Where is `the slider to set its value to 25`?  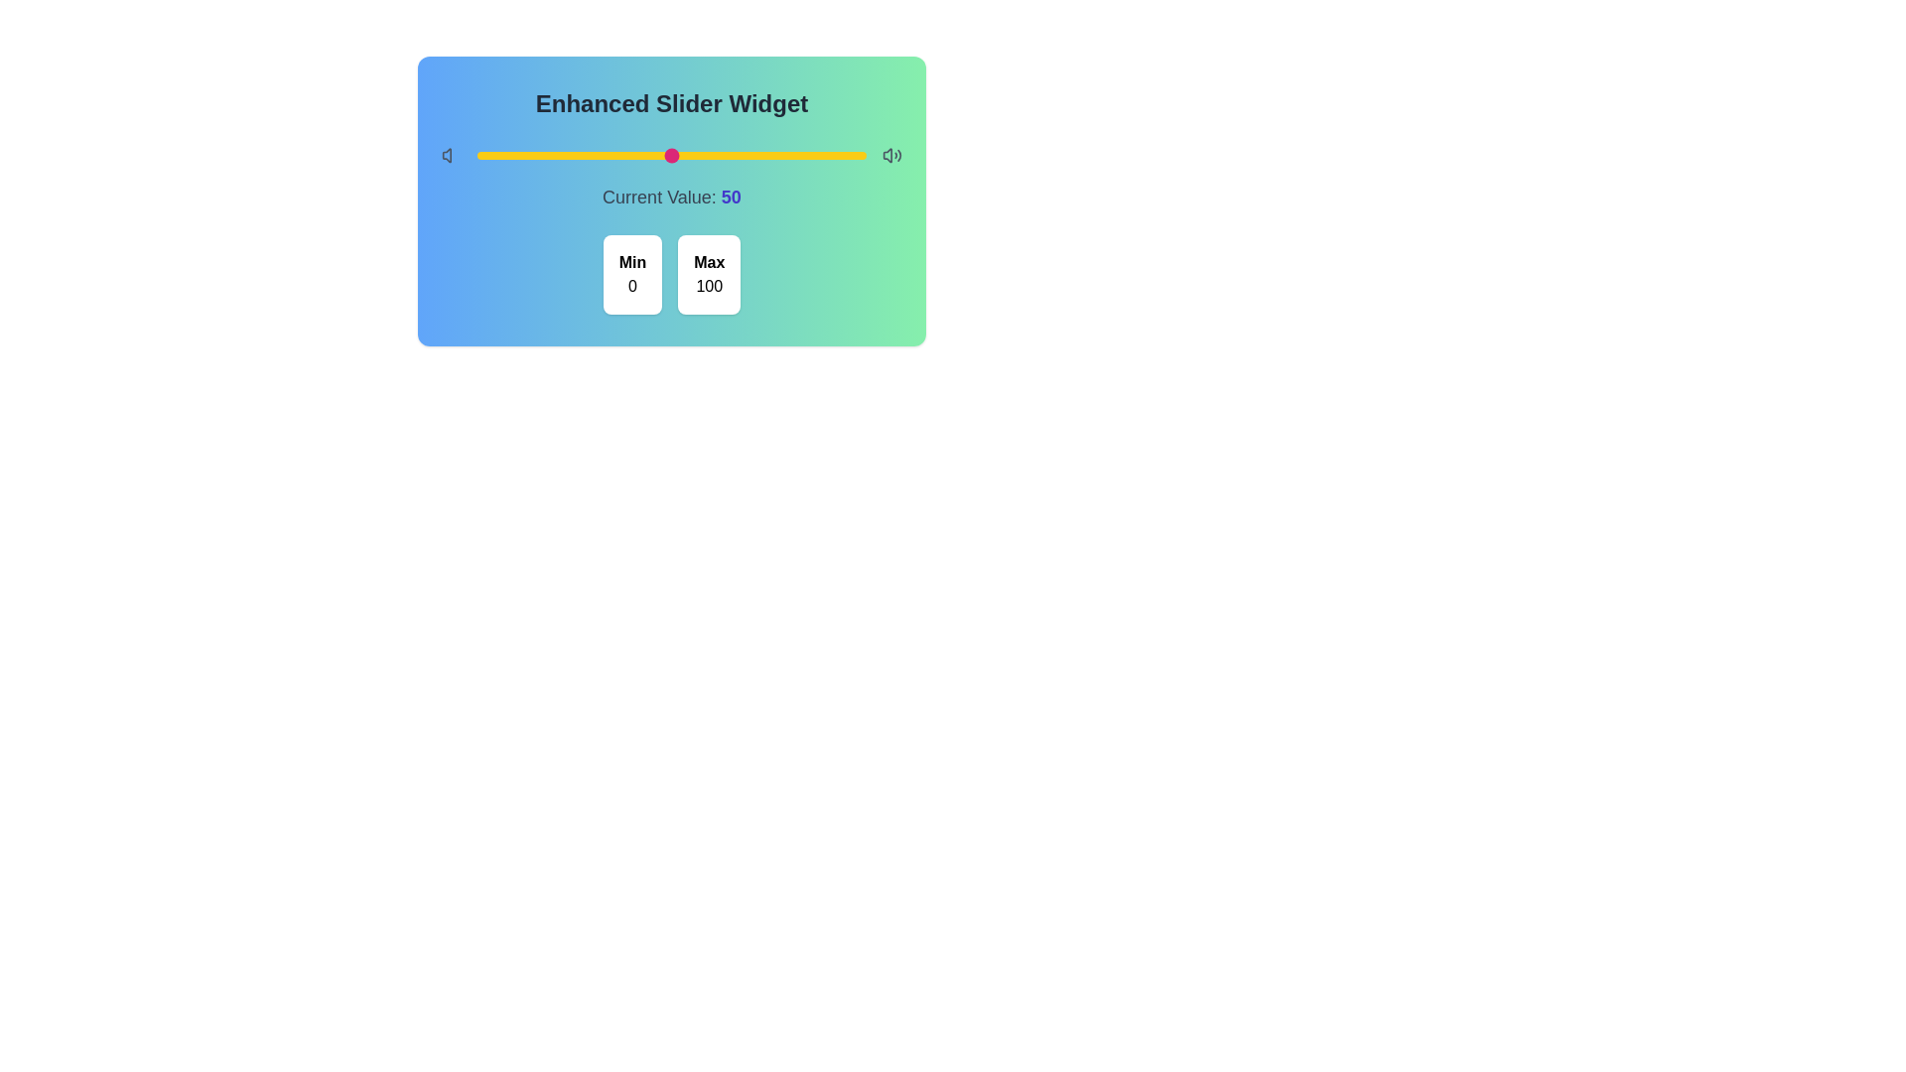 the slider to set its value to 25 is located at coordinates (574, 155).